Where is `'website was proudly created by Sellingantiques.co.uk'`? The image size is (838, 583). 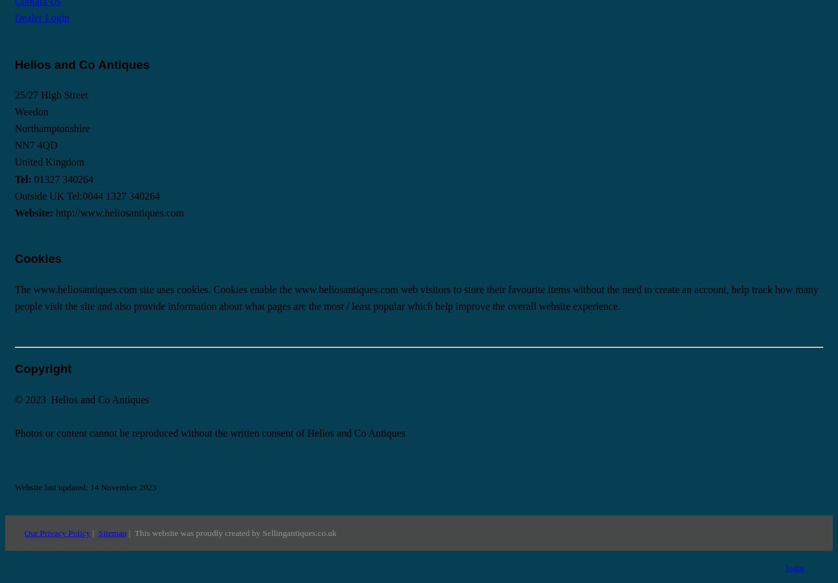
'website was proudly created by Sellingantiques.co.uk' is located at coordinates (151, 532).